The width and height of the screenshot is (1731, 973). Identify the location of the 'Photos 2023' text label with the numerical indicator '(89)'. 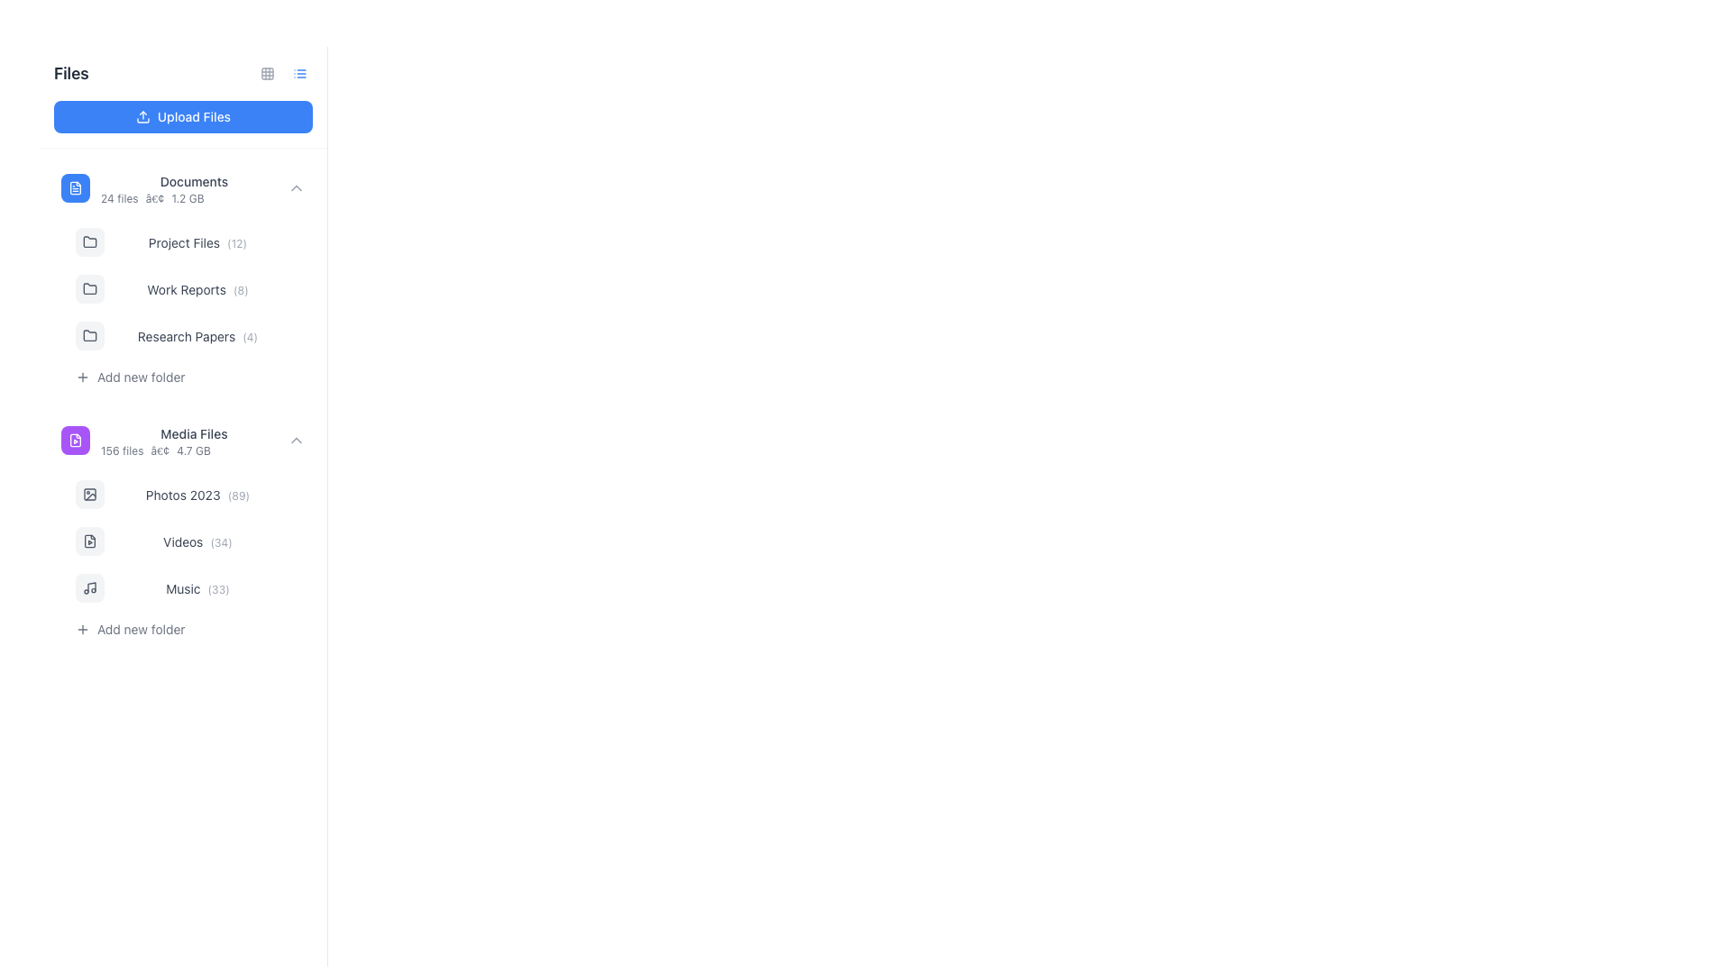
(197, 494).